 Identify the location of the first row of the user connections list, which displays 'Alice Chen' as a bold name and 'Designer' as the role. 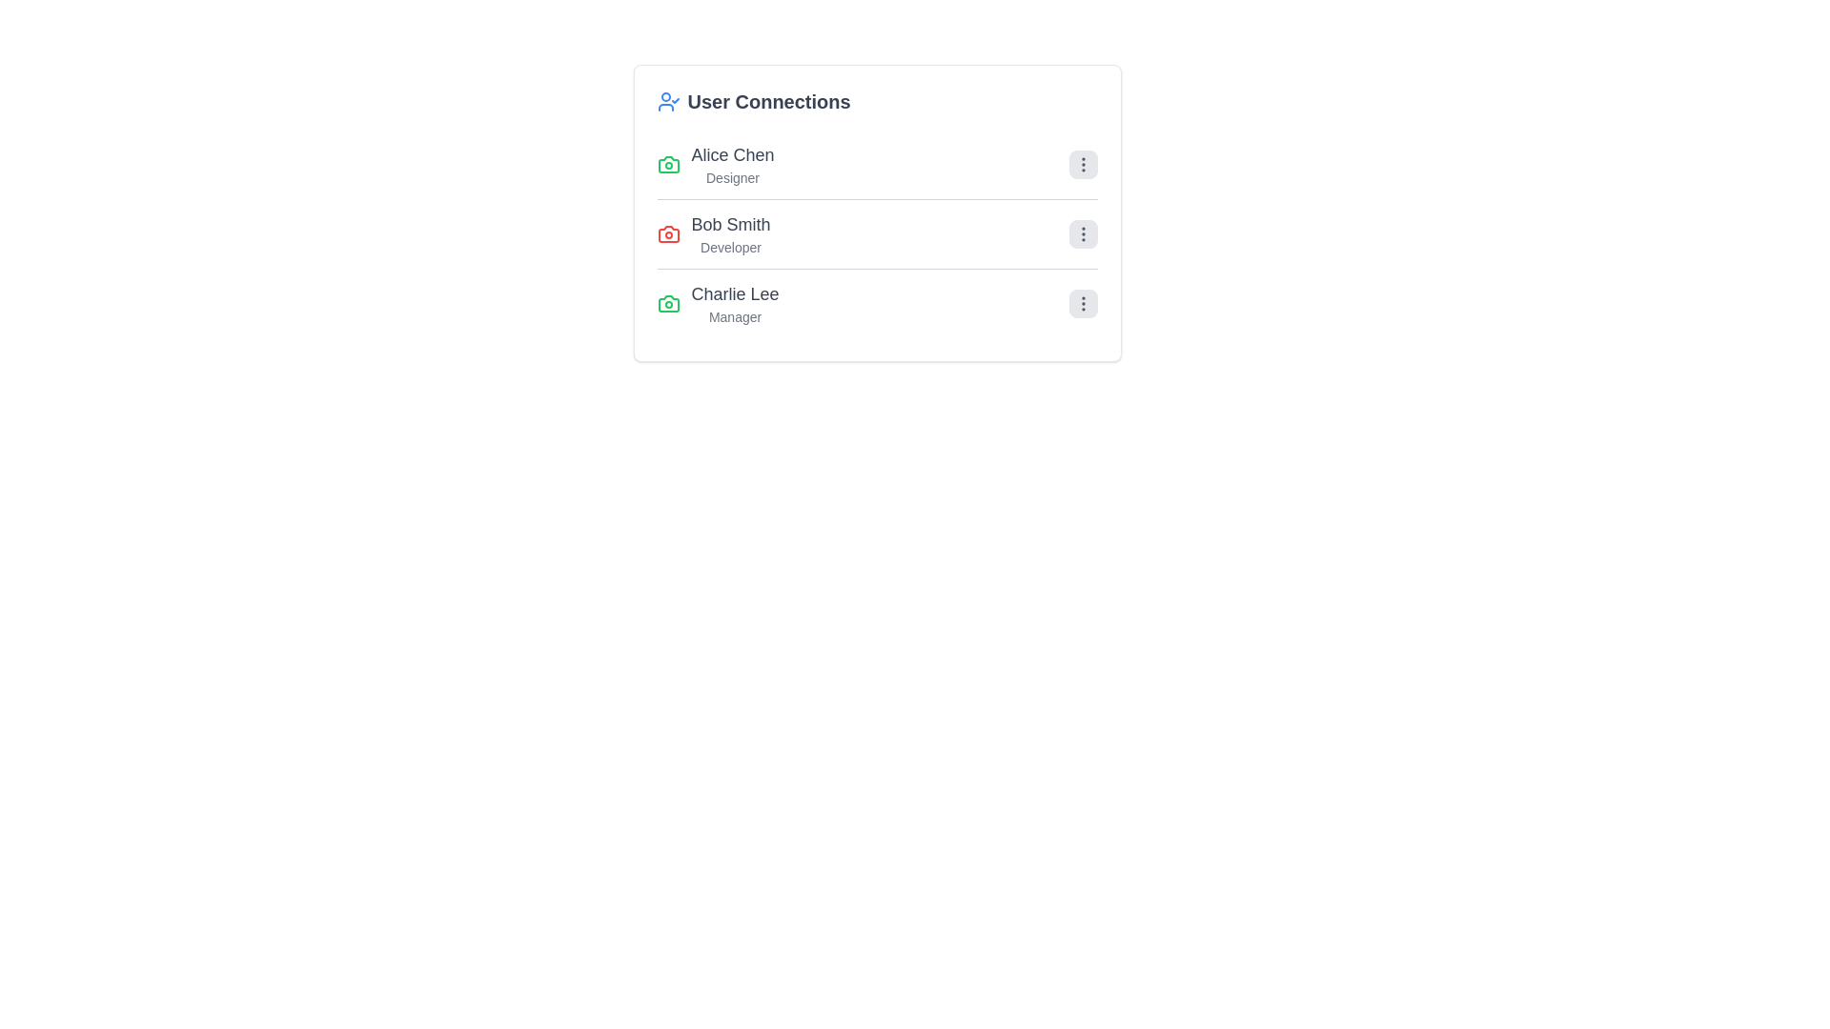
(876, 164).